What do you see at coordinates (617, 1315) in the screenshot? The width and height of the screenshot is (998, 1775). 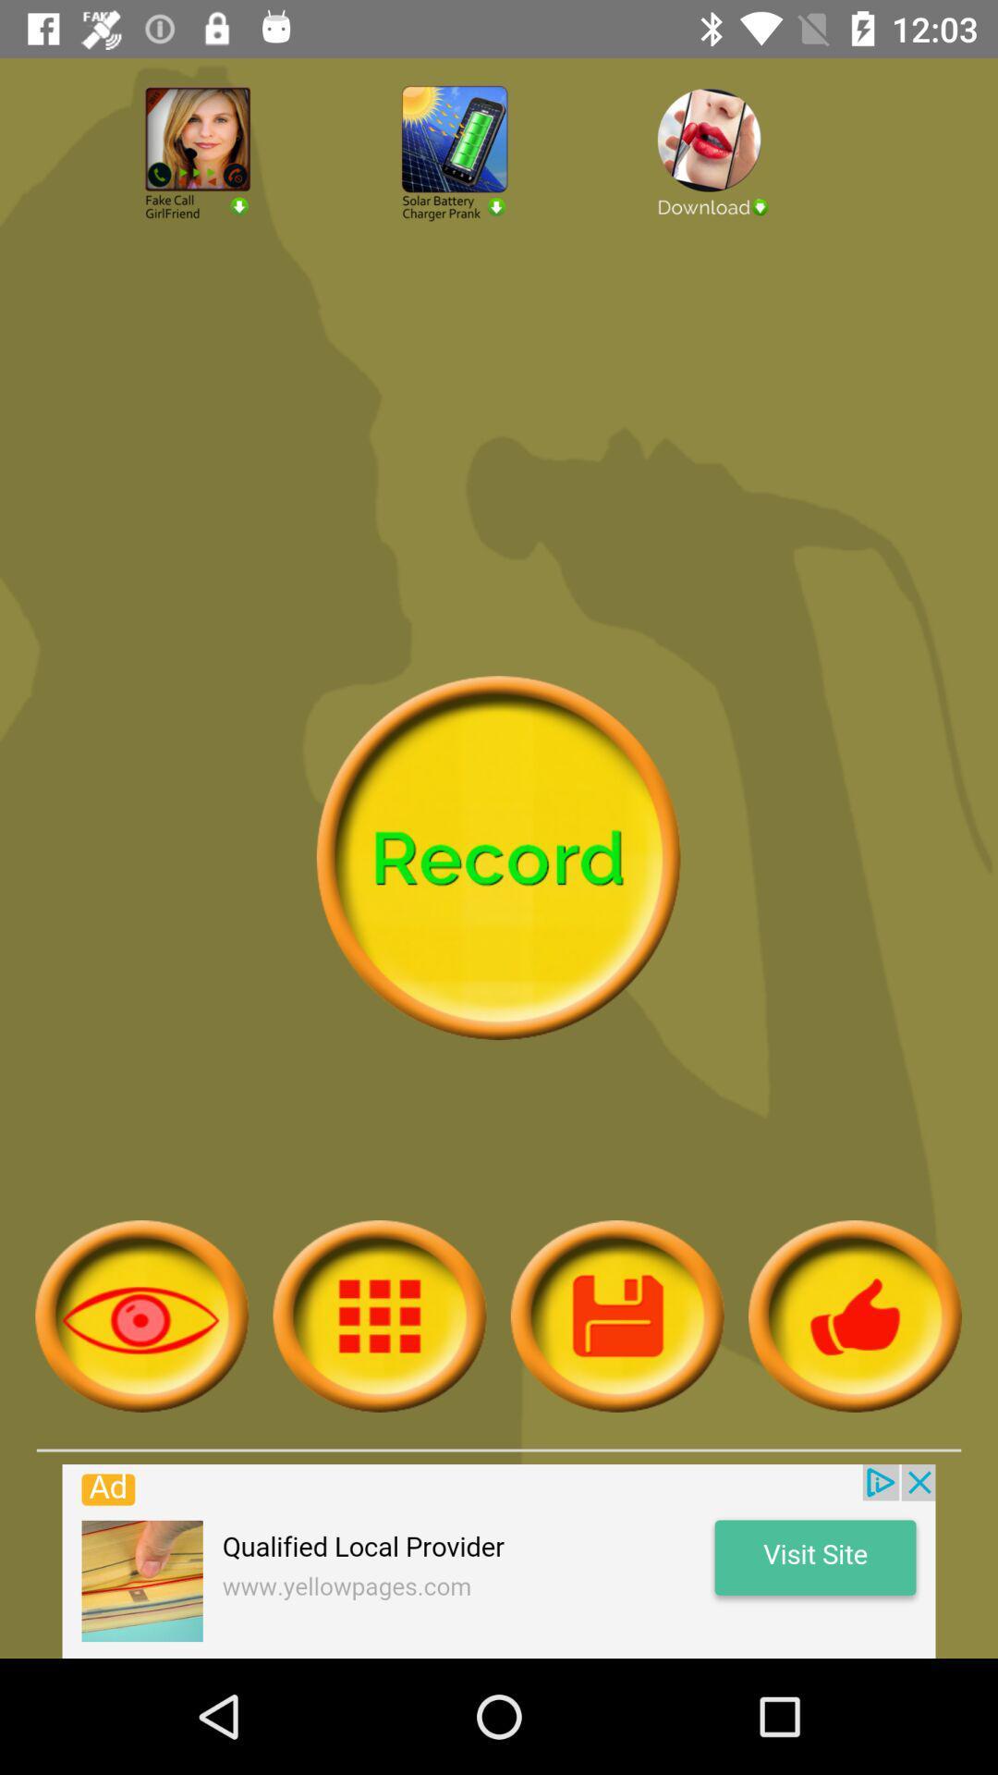 I see `menu` at bounding box center [617, 1315].